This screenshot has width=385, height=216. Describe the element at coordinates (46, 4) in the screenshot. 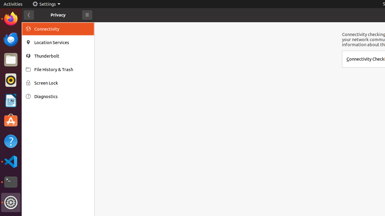

I see `'Settings'` at that location.